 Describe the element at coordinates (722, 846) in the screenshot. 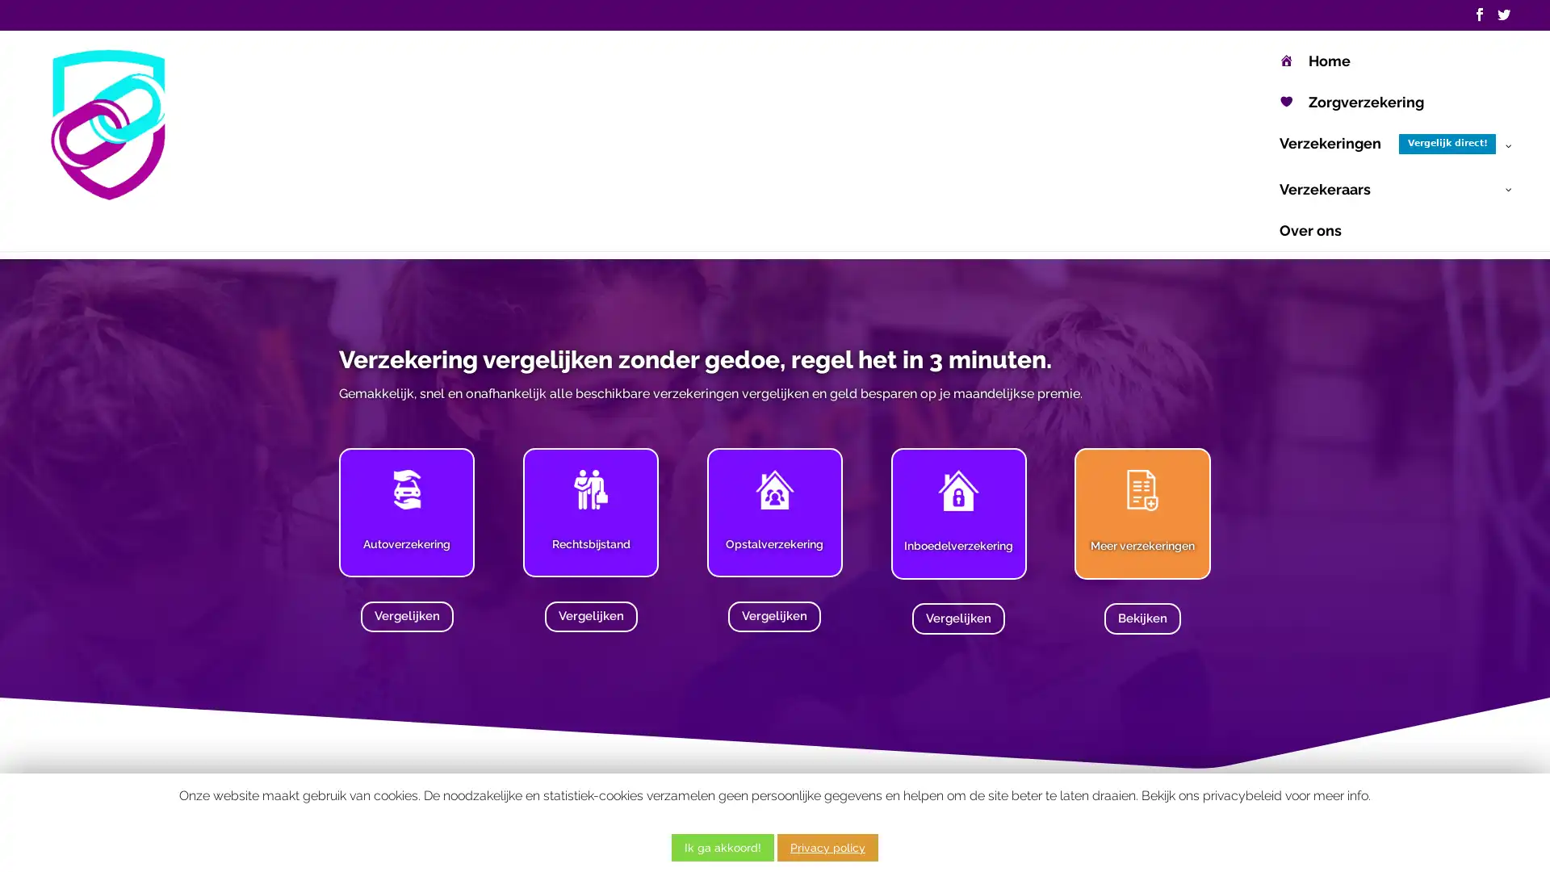

I see `Ik ga akkoord!` at that location.